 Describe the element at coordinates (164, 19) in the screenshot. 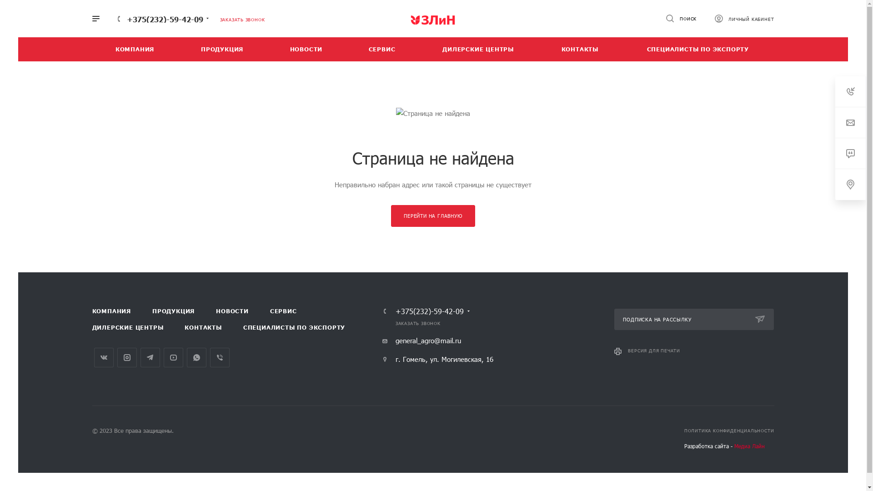

I see `'+375(232)-59-42-09'` at that location.